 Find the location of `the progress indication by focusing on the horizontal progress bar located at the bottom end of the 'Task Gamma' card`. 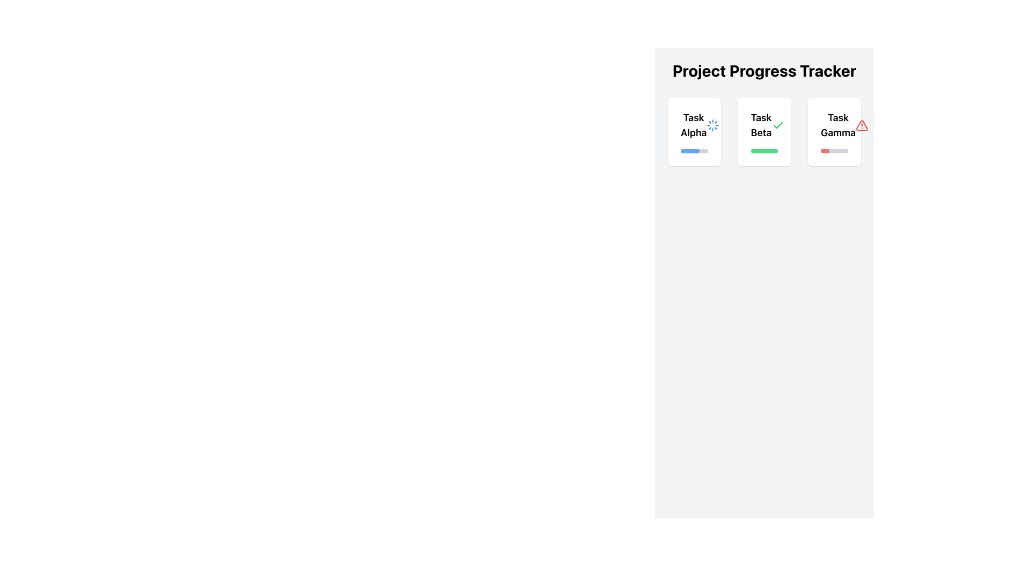

the progress indication by focusing on the horizontal progress bar located at the bottom end of the 'Task Gamma' card is located at coordinates (834, 151).